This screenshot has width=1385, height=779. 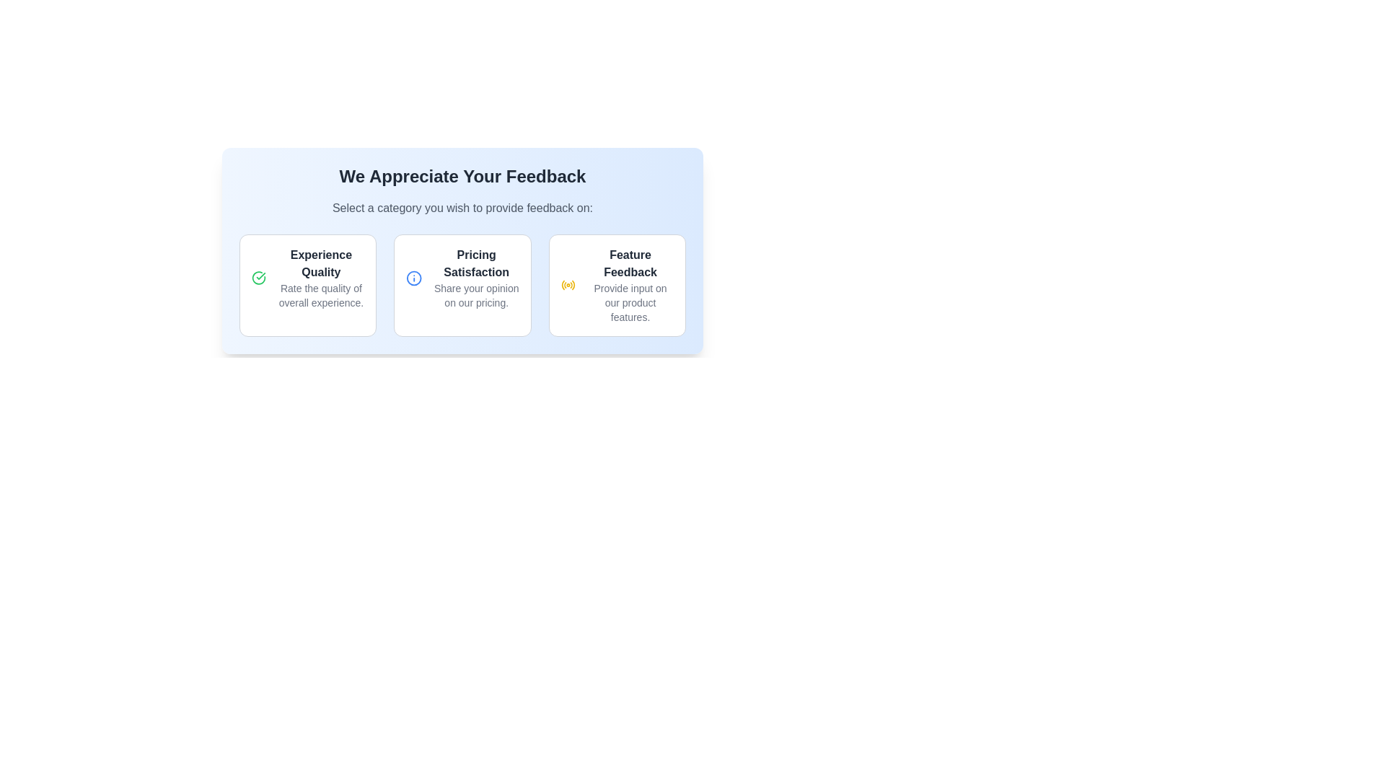 I want to click on the text label that states 'Rate the quality of overall experience.' which is styled in gray and located beneath the title 'Experience Quality', so click(x=320, y=294).